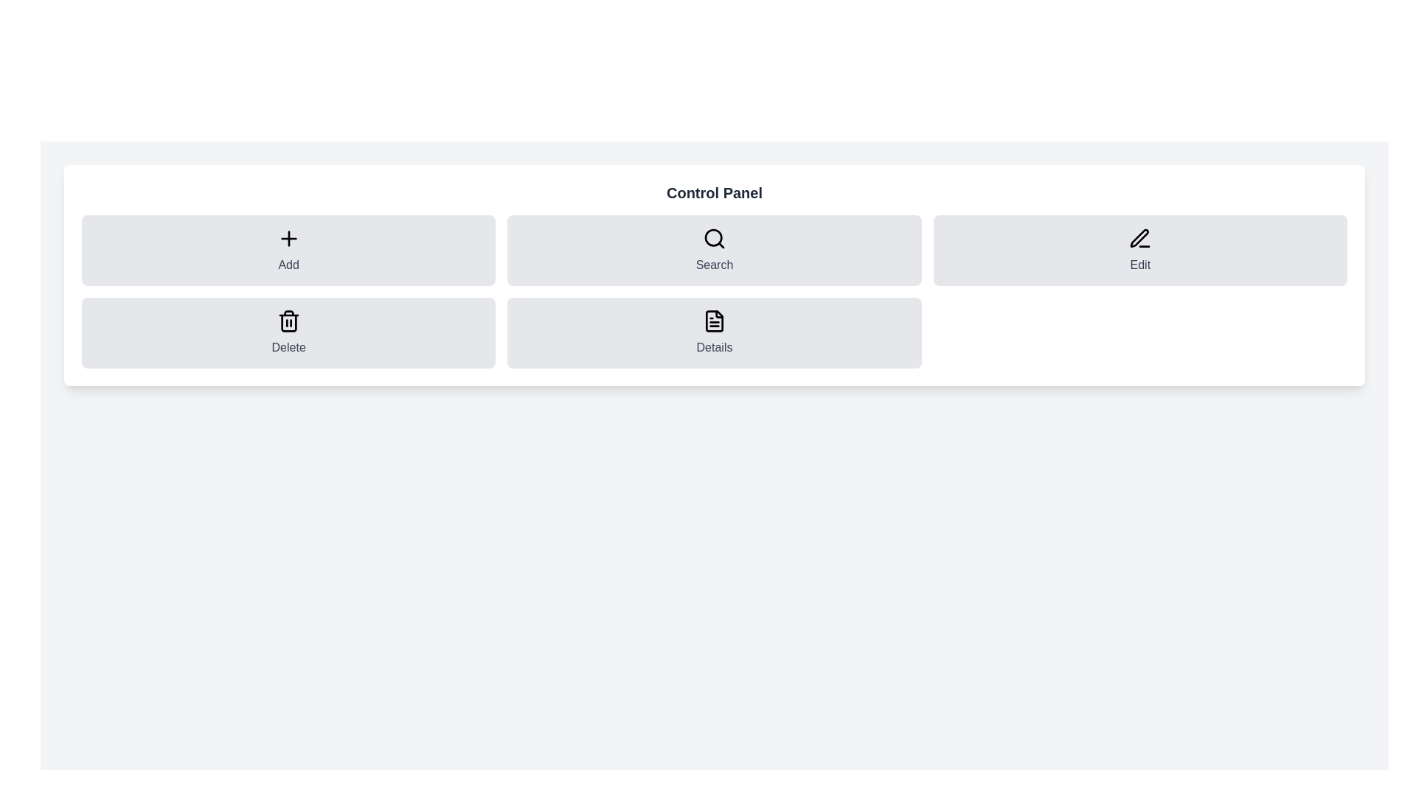 The width and height of the screenshot is (1416, 796). I want to click on the 'Add' button located in the top-left corner of the grid, which features a black '+' icon and the text 'Add' below it, so click(288, 249).